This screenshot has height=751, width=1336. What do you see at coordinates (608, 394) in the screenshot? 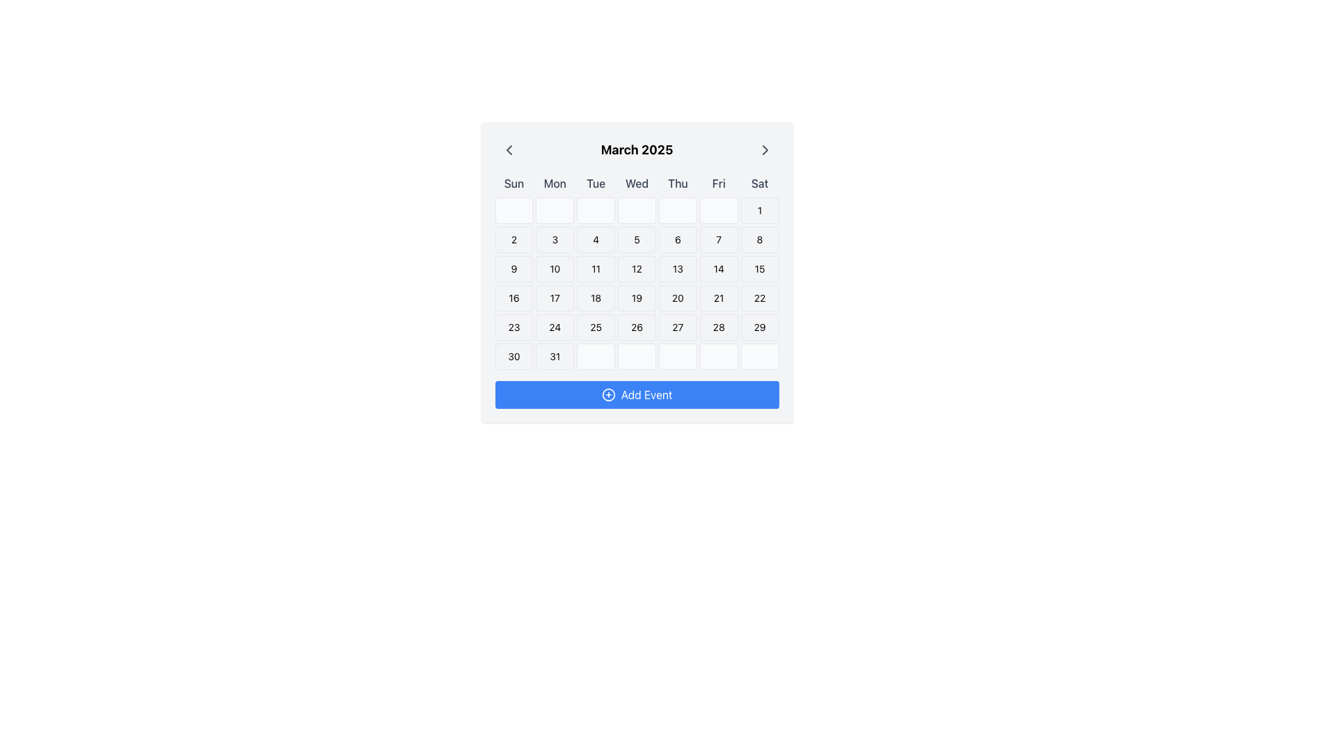
I see `the circular plus icon with a blue outline located to the left of the 'Add Event' text in the blue button at the bottom of the calendar interface for potential hover feedback` at bounding box center [608, 394].